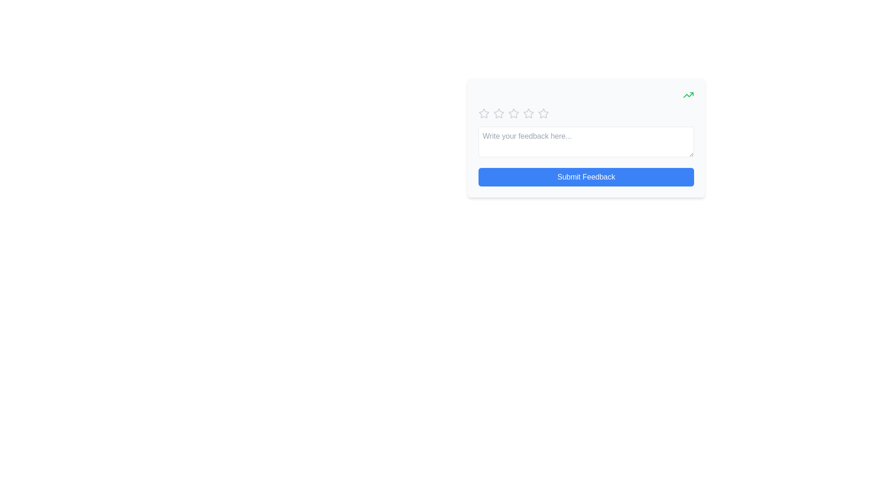  Describe the element at coordinates (513, 113) in the screenshot. I see `the third star-shaped icon in the rating system` at that location.